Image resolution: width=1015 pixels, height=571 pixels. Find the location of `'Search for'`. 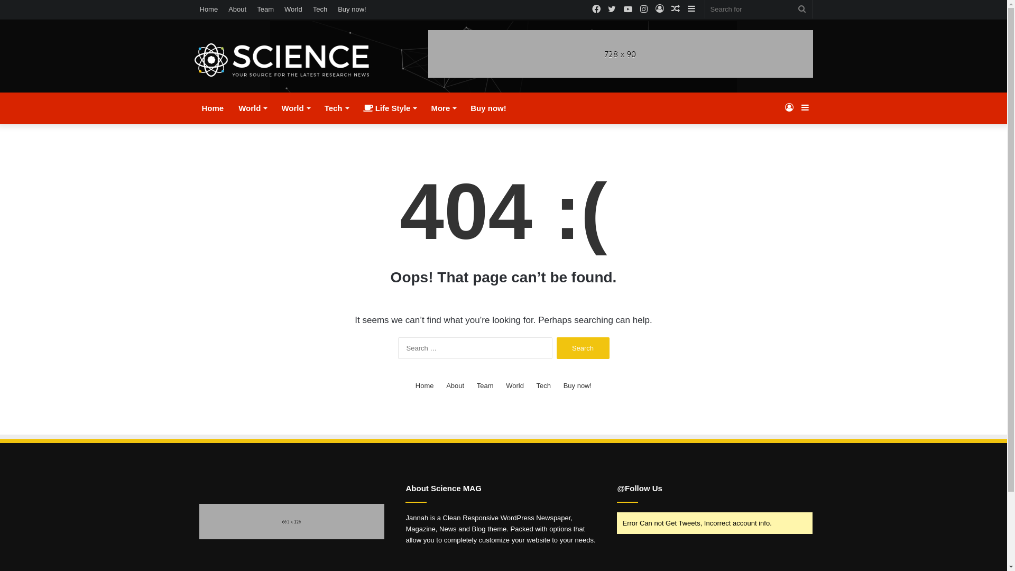

'Search for' is located at coordinates (758, 9).